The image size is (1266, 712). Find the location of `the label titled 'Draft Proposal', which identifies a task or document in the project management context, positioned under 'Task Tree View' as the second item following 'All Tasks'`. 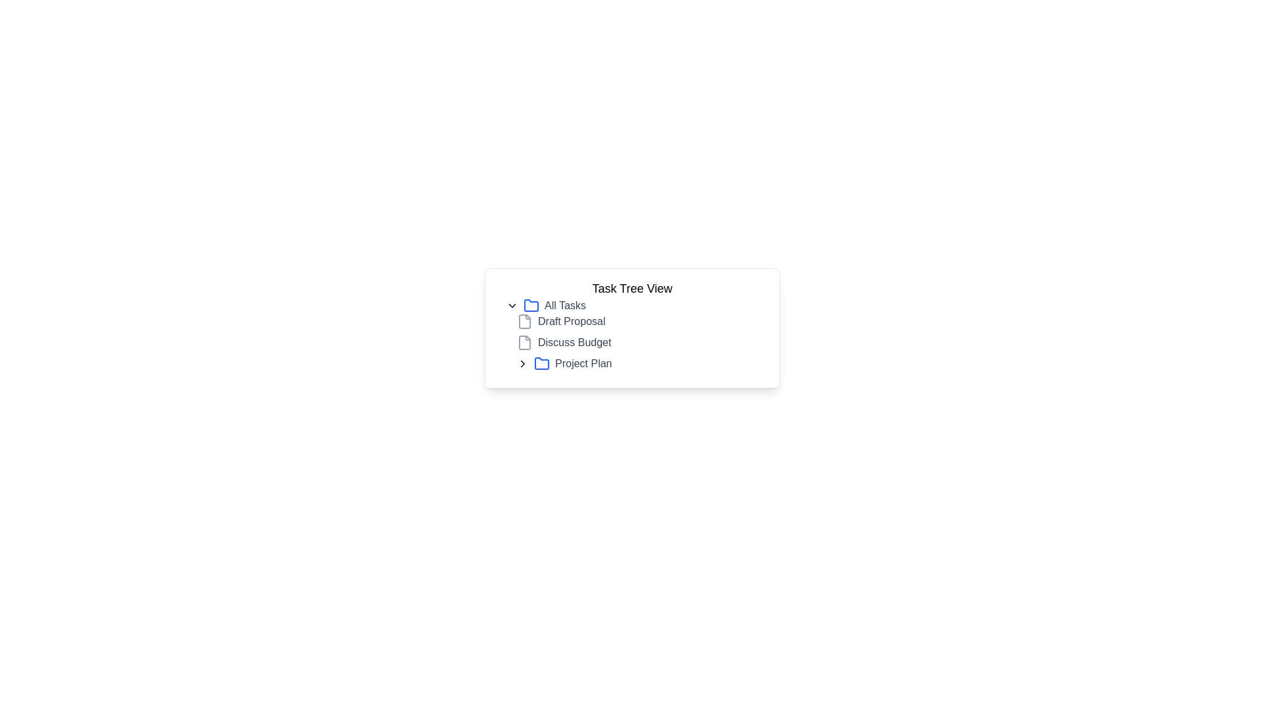

the label titled 'Draft Proposal', which identifies a task or document in the project management context, positioned under 'Task Tree View' as the second item following 'All Tasks' is located at coordinates (572, 322).